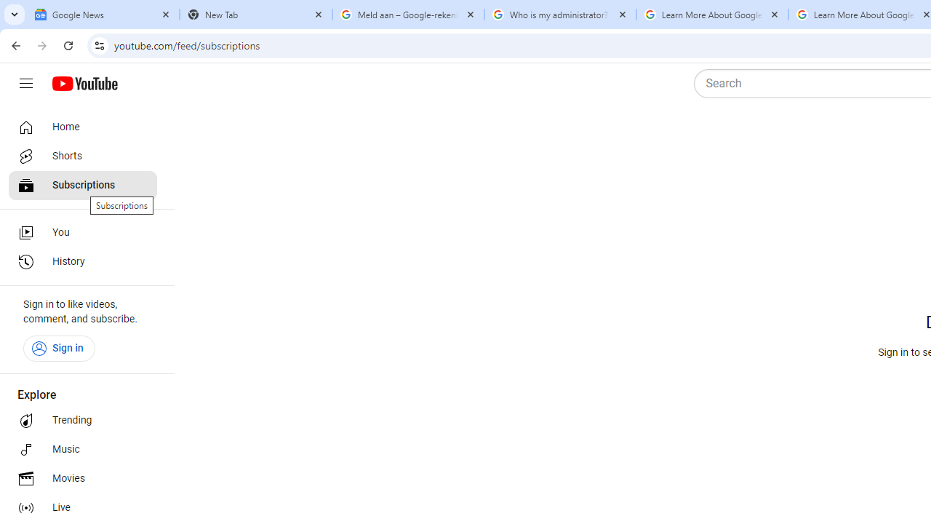  I want to click on 'Live', so click(81, 507).